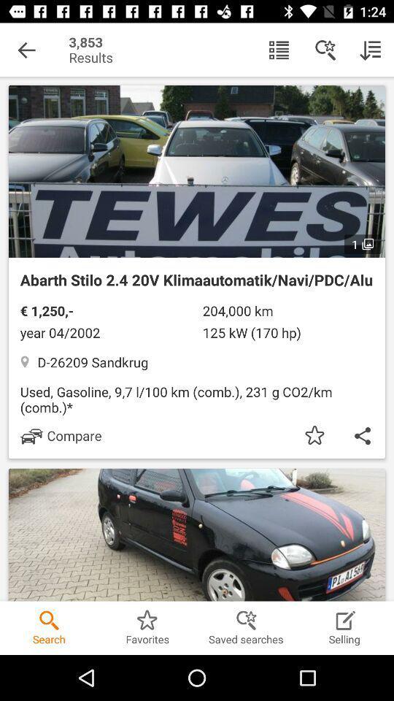 Image resolution: width=394 pixels, height=701 pixels. I want to click on the item to the left of the 3,853, so click(26, 50).